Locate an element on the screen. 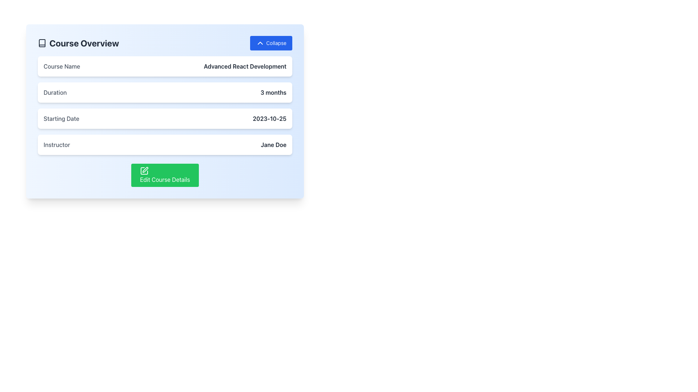 Image resolution: width=698 pixels, height=392 pixels. the text 'Advanced React Development' displayed in bold dark gray color, located on the right side of the 'Course Name' row is located at coordinates (245, 66).